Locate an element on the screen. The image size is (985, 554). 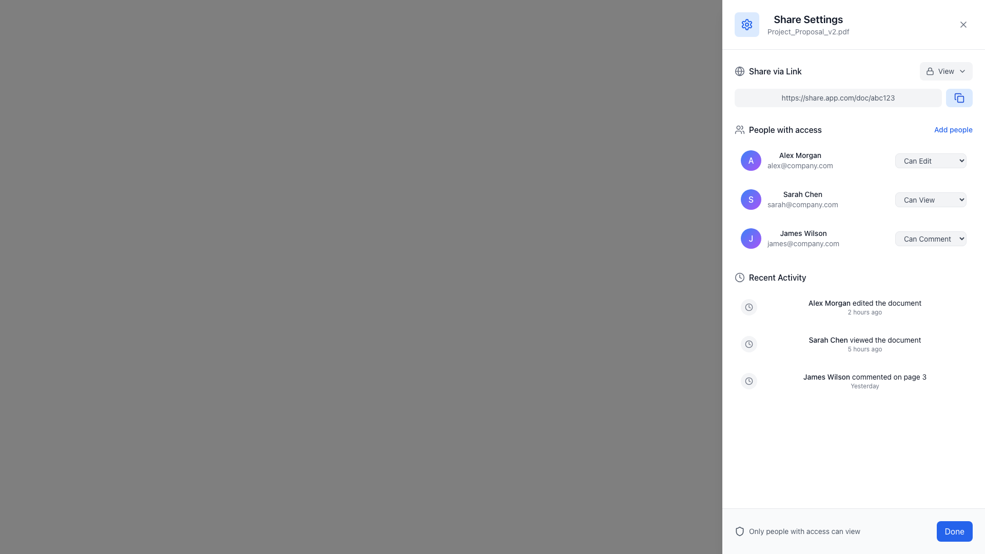
the icon resembling two overlapping squares within the rounded rectangular button to copy the link is located at coordinates (959, 98).